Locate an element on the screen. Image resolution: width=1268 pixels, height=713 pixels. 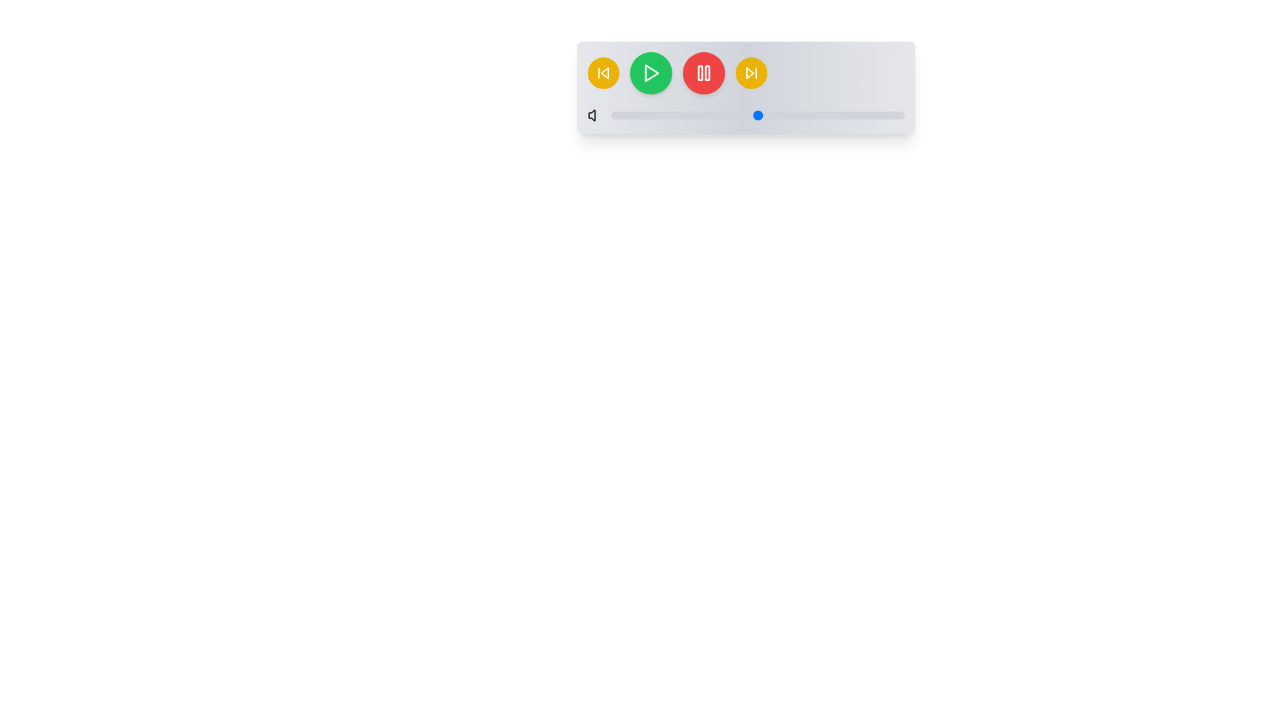
the second vertical rectangle of the pause button icon in the multimedia control interface, which is the third circular red button in a row of four is located at coordinates (706, 73).